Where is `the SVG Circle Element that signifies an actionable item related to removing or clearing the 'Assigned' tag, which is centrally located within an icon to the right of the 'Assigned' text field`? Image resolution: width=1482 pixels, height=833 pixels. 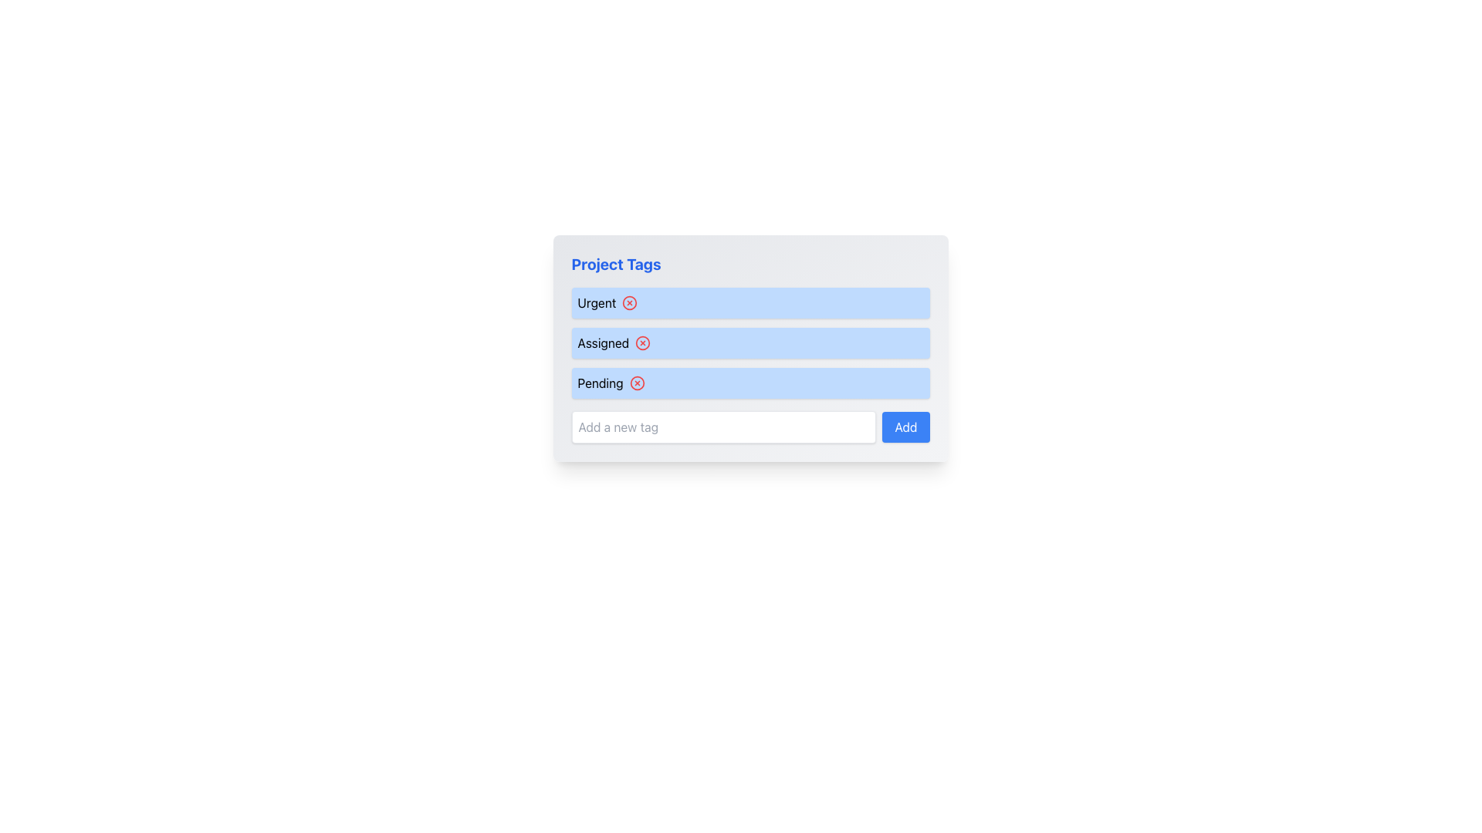 the SVG Circle Element that signifies an actionable item related to removing or clearing the 'Assigned' tag, which is centrally located within an icon to the right of the 'Assigned' text field is located at coordinates (643, 342).